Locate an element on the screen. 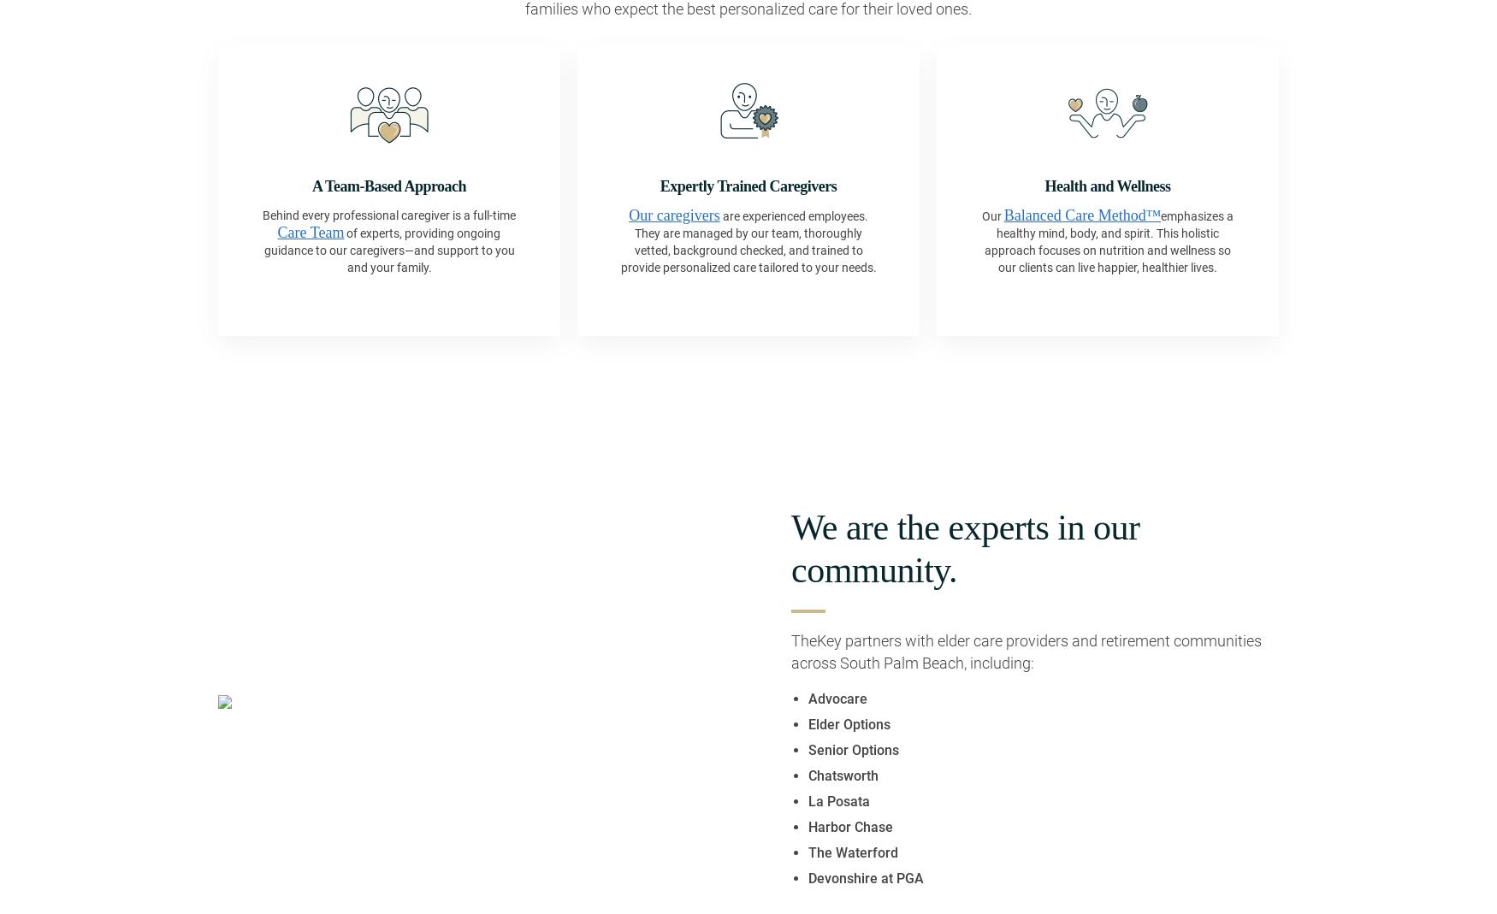  'Elder Options' is located at coordinates (849, 724).